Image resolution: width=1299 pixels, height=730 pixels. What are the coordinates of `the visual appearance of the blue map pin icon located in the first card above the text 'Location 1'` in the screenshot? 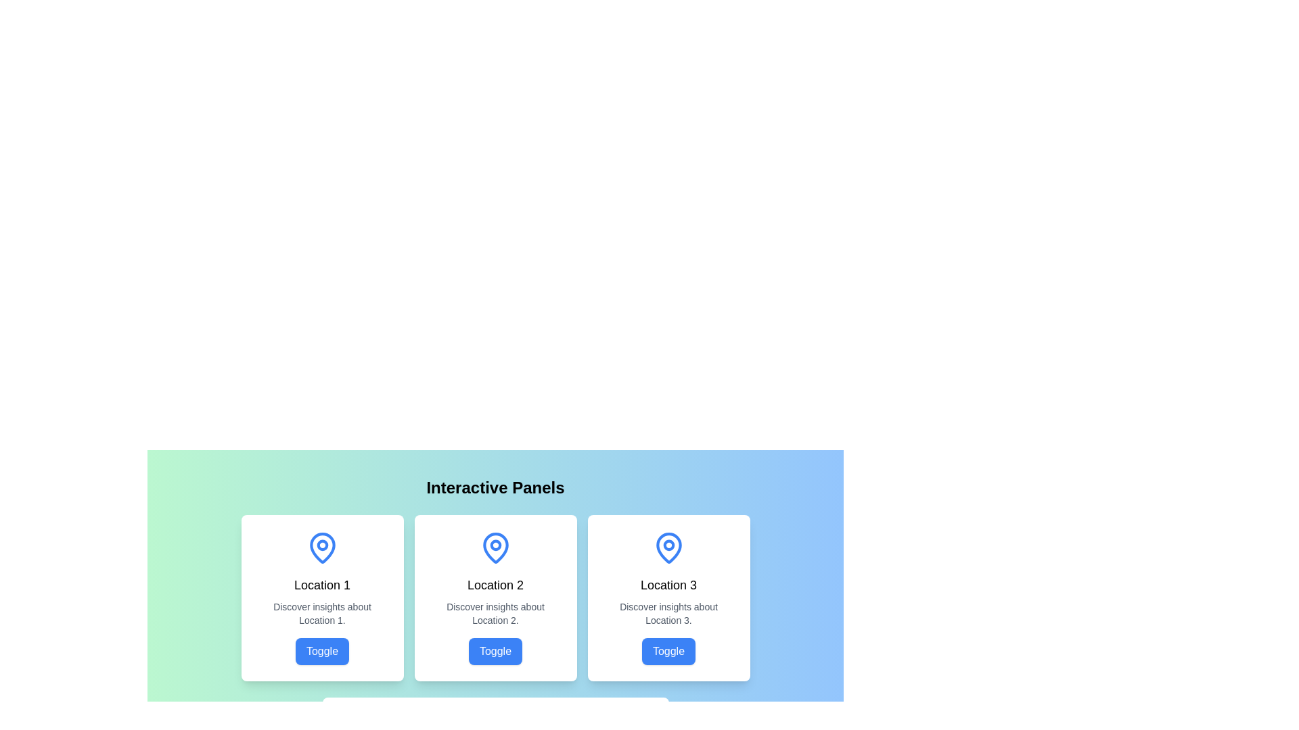 It's located at (321, 547).